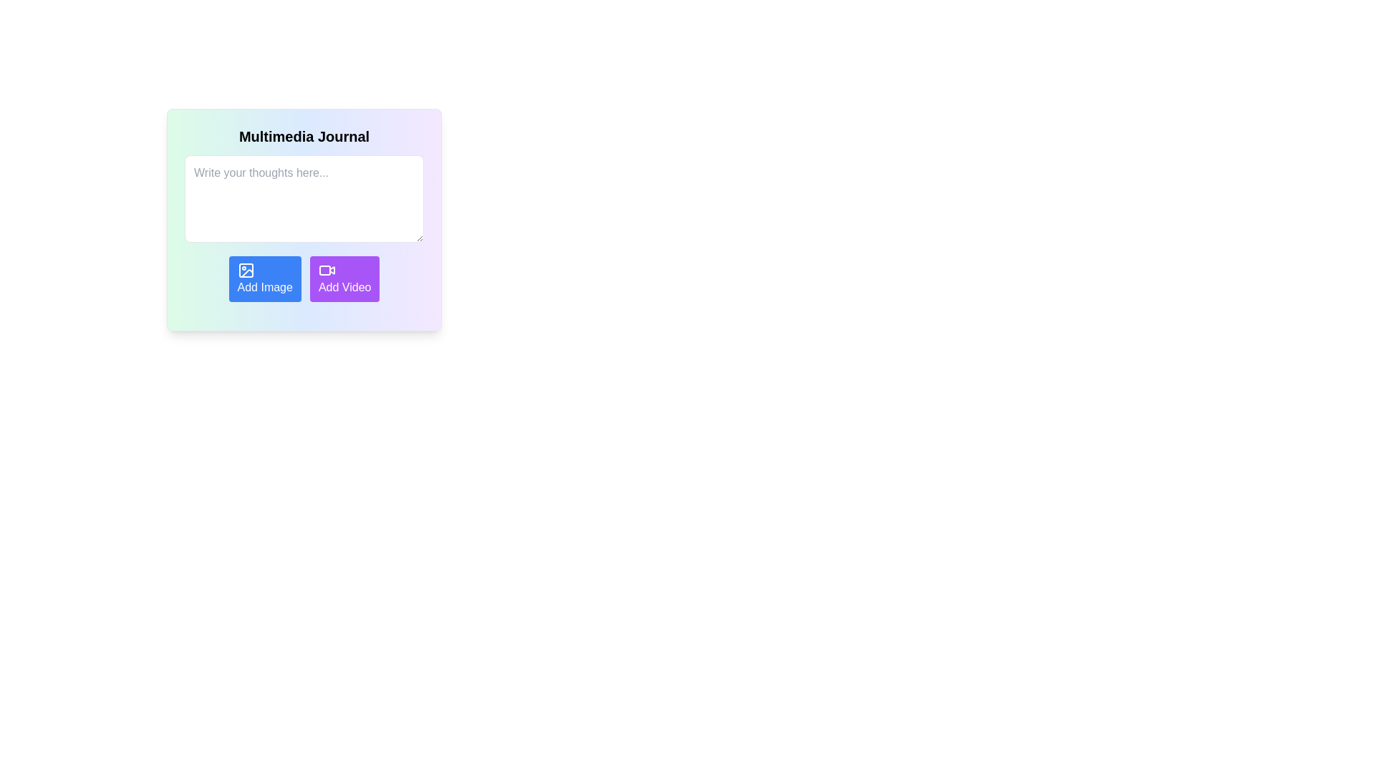 Image resolution: width=1375 pixels, height=773 pixels. What do you see at coordinates (326, 271) in the screenshot?
I see `the 'Add Video' button located on the rightmost side of the two-button row at the bottom of the interface` at bounding box center [326, 271].